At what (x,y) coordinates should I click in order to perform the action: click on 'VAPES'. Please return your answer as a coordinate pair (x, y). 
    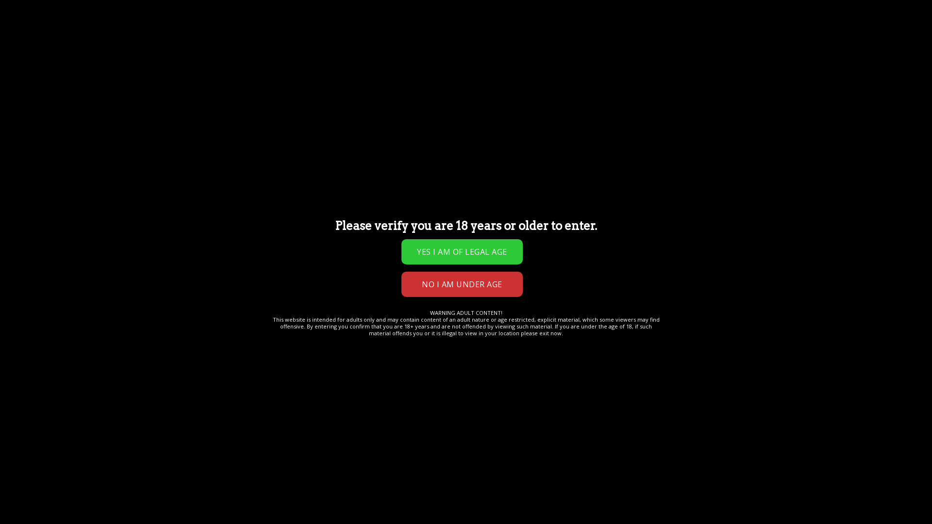
    Looking at the image, I should click on (246, 54).